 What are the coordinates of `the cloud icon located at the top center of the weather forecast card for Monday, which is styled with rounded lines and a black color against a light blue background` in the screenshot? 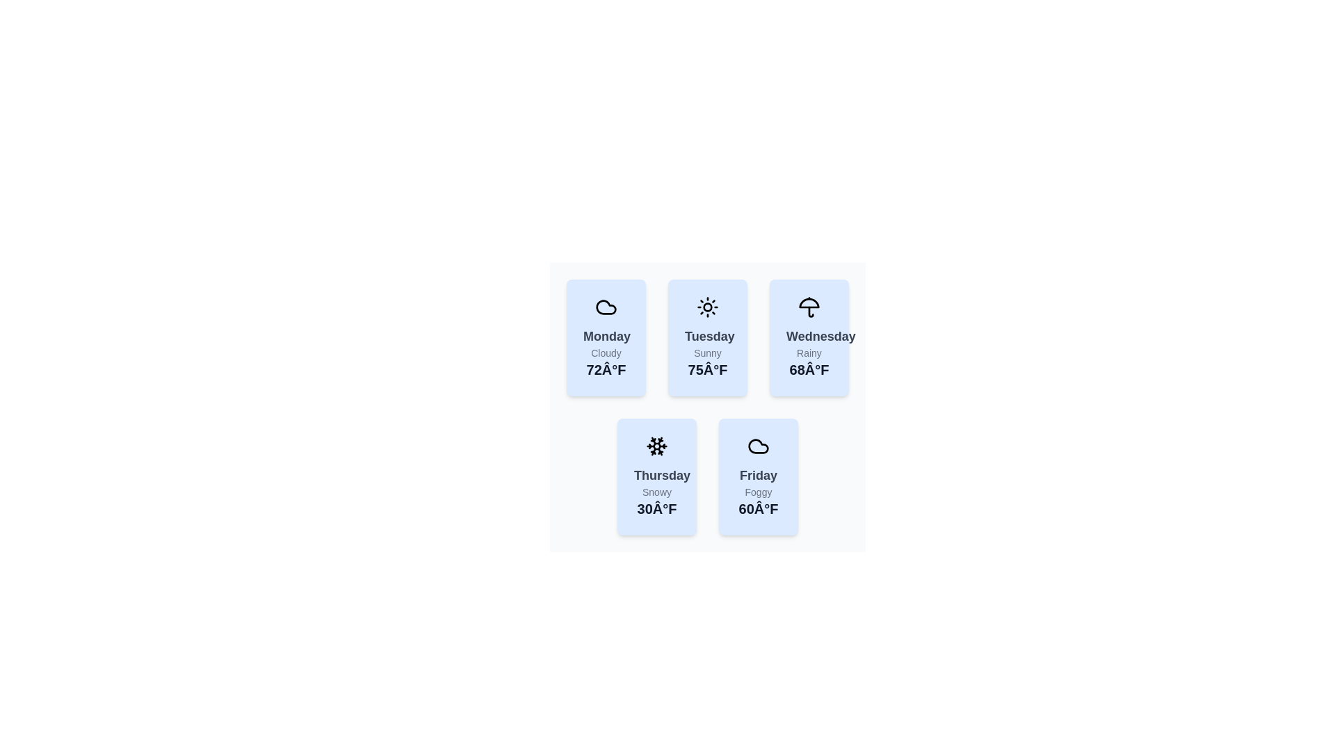 It's located at (606, 307).